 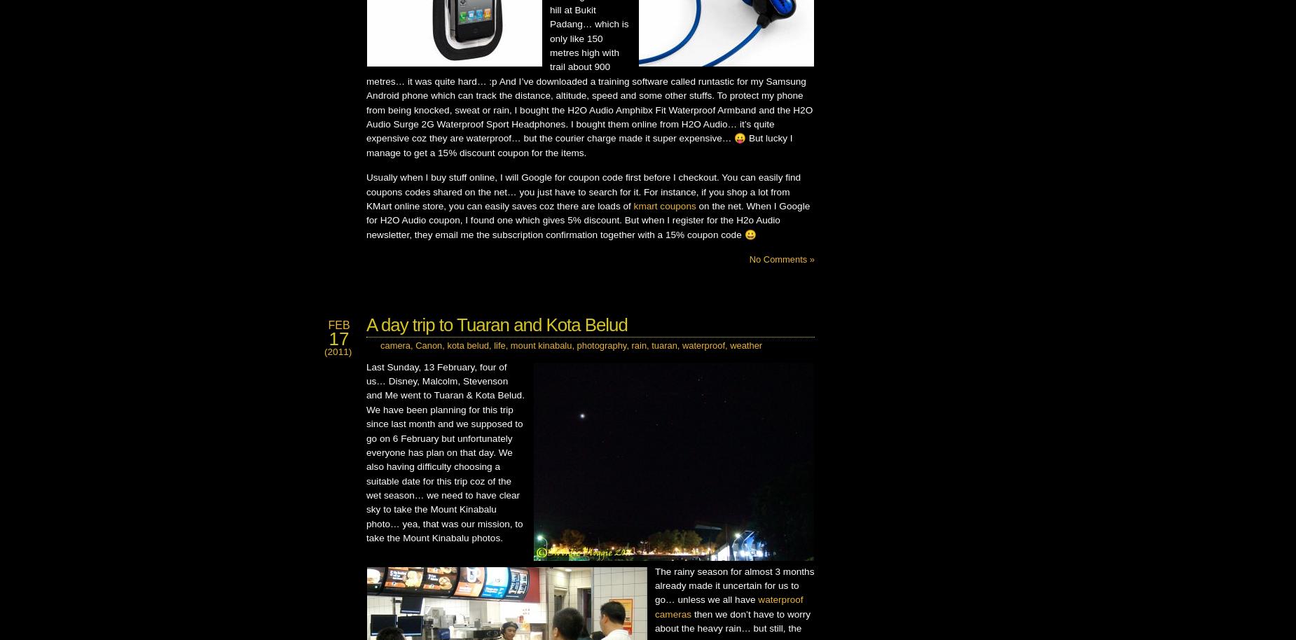 I want to click on 'photography', so click(x=601, y=345).